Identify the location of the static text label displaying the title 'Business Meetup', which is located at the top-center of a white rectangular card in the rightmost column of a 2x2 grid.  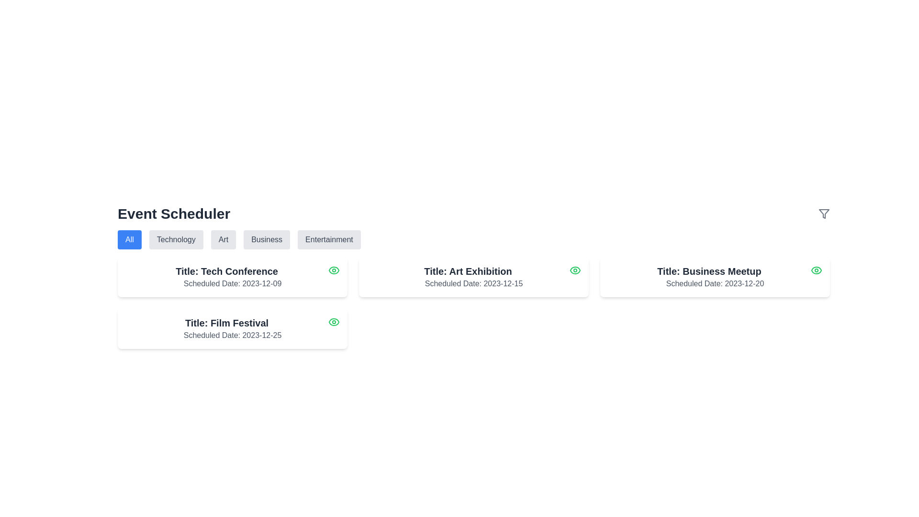
(715, 271).